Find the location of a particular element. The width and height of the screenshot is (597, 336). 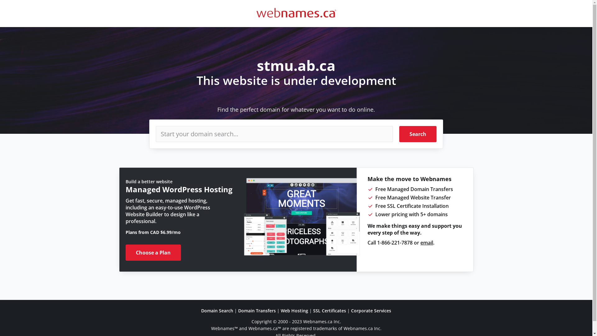

'Domain Transfers' is located at coordinates (257, 310).